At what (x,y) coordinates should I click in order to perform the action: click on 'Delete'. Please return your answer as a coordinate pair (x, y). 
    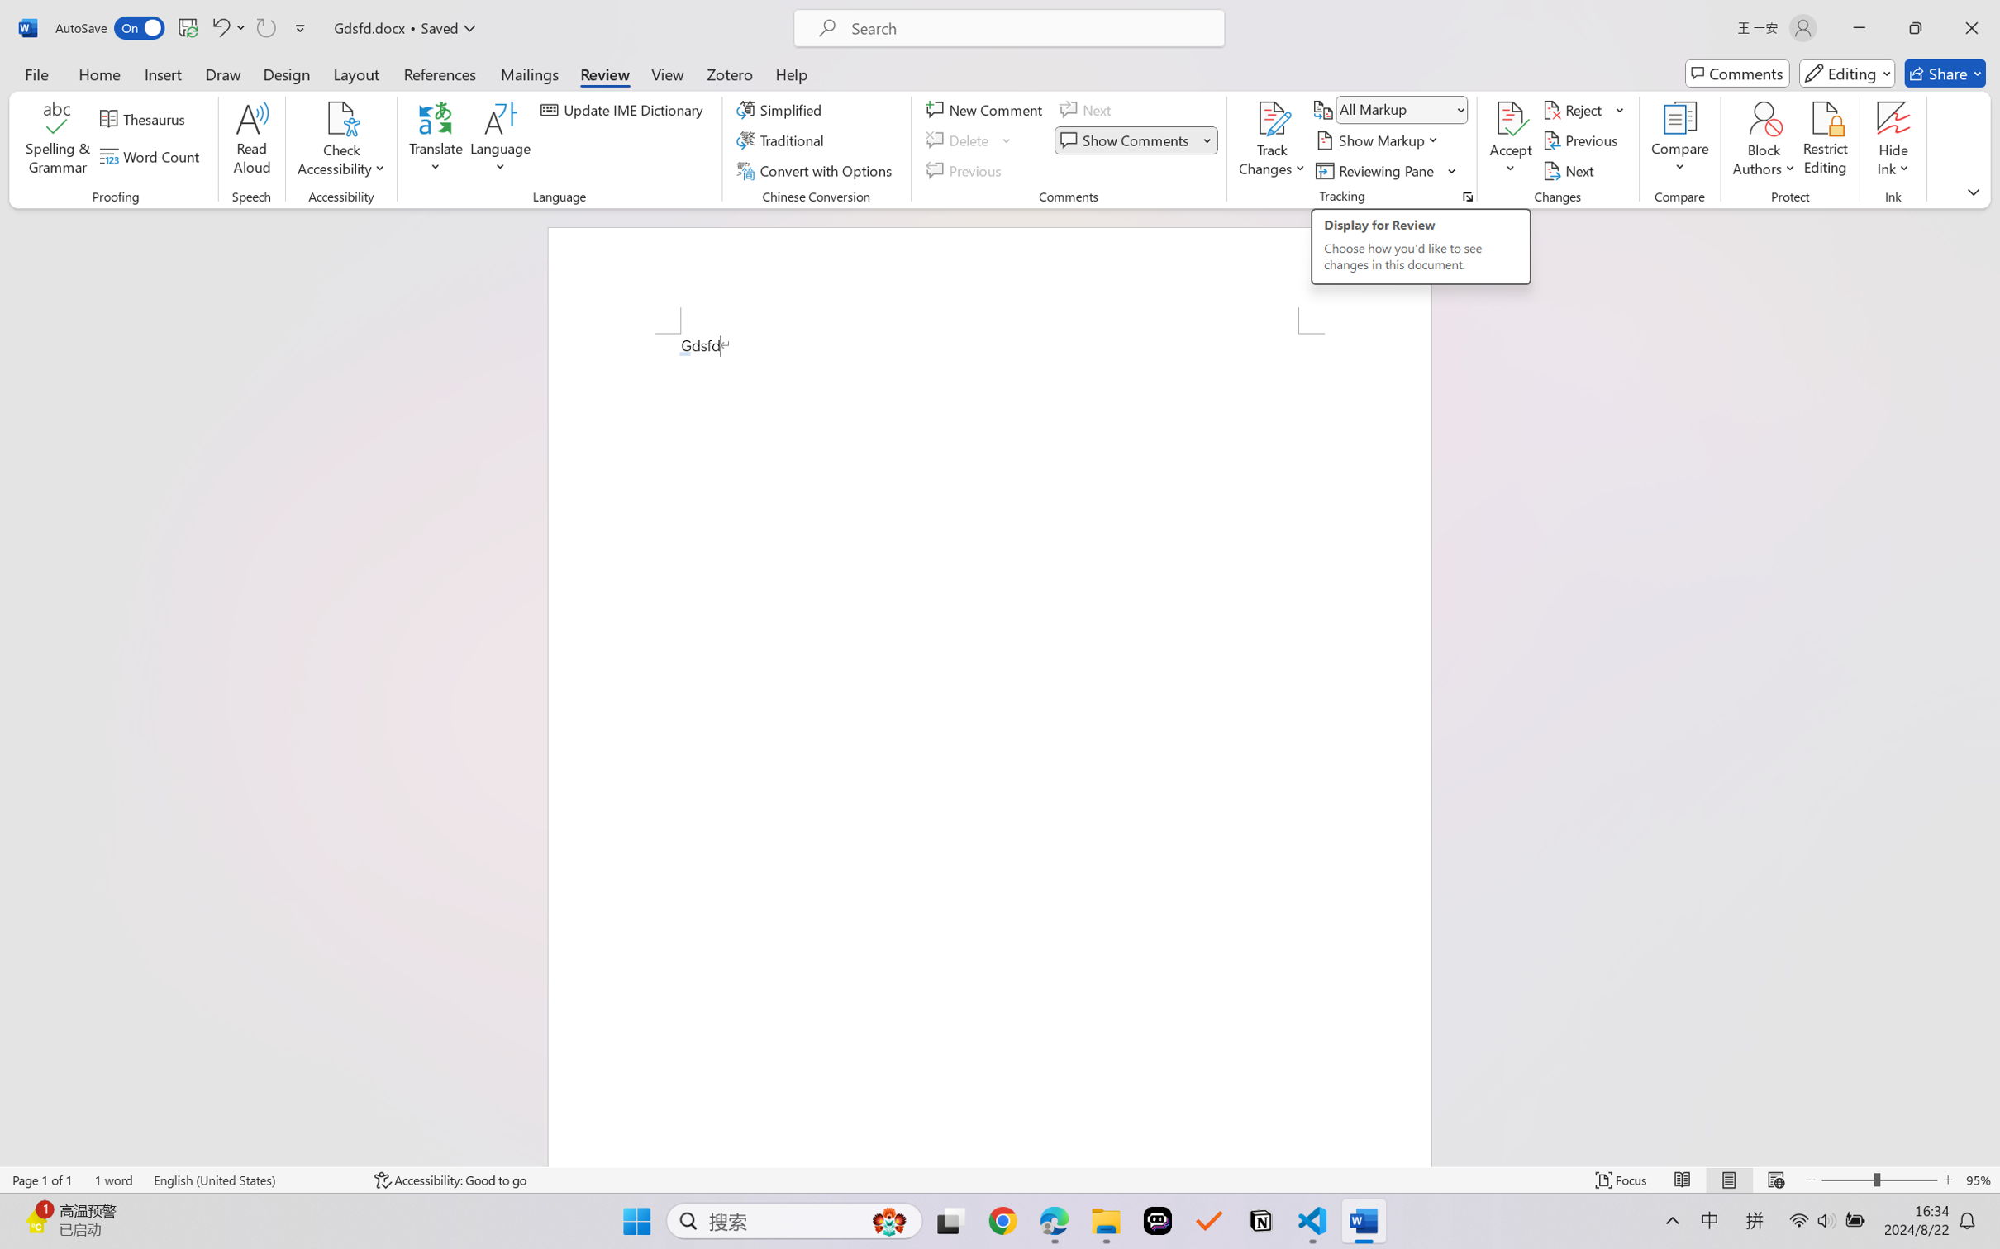
    Looking at the image, I should click on (969, 140).